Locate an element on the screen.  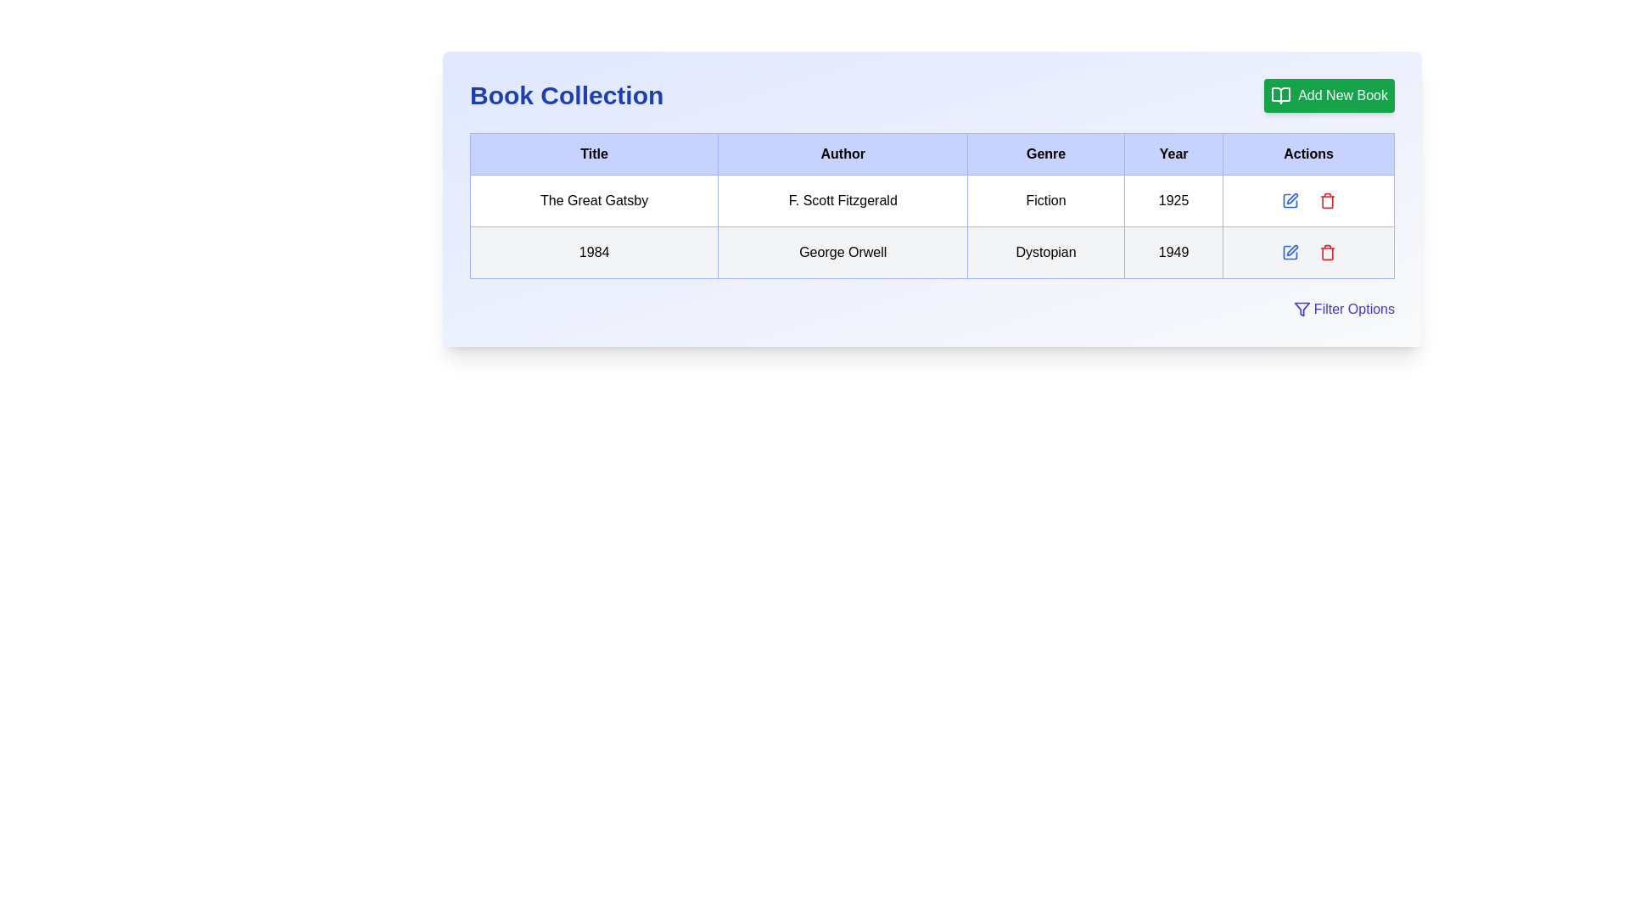
text label displaying 'Fiction' which is located in the third column under the 'Genre' header in the table is located at coordinates (1045, 199).